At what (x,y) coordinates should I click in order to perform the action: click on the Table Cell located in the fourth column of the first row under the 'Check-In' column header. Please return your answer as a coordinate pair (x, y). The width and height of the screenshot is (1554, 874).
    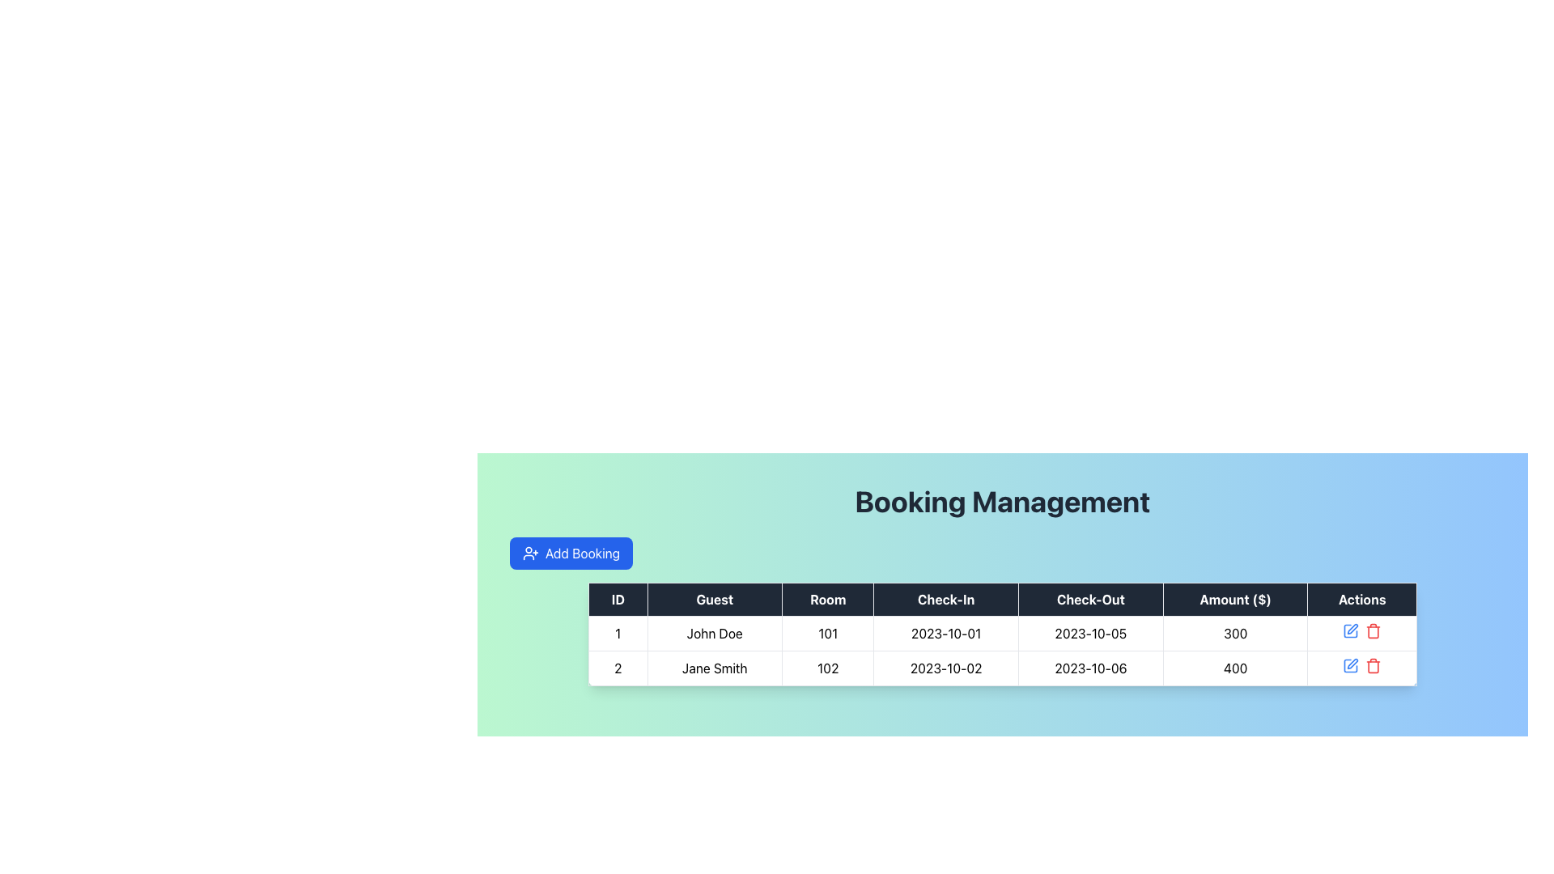
    Looking at the image, I should click on (946, 633).